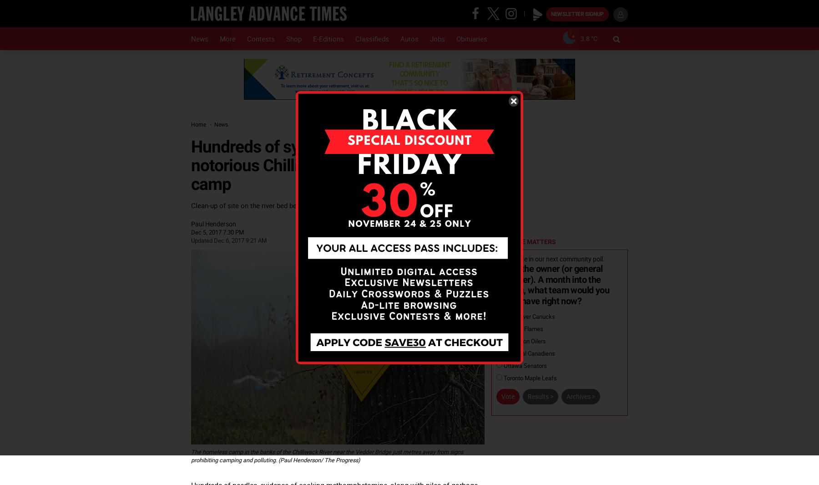  What do you see at coordinates (326, 455) in the screenshot?
I see `'The homeless camp in the banks of the Chilliwack River near the Vedder Bridge just metres away from signs prohibiting camping and polluting. (Paul Henderson/ The Progress)'` at bounding box center [326, 455].